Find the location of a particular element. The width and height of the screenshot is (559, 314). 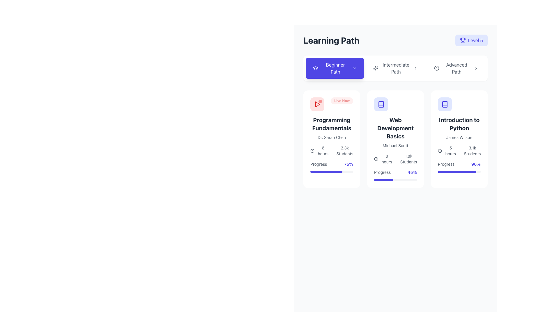

the rightmost Card component in the grid layout is located at coordinates (459, 139).